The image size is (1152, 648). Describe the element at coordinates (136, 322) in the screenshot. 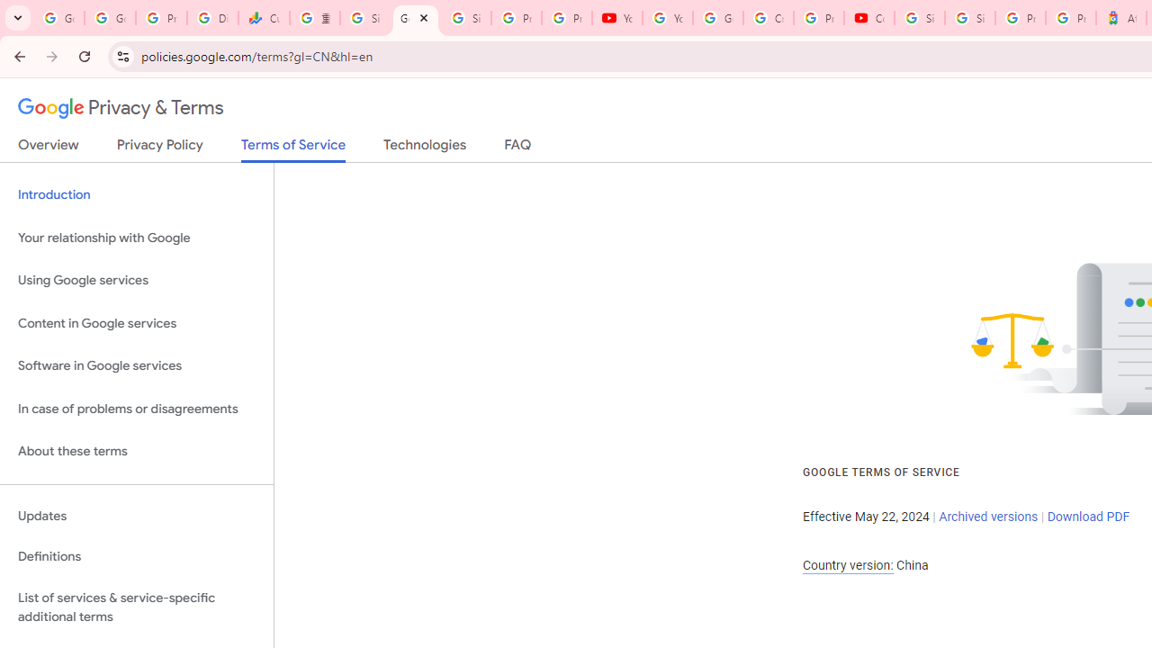

I see `'Content in Google services'` at that location.